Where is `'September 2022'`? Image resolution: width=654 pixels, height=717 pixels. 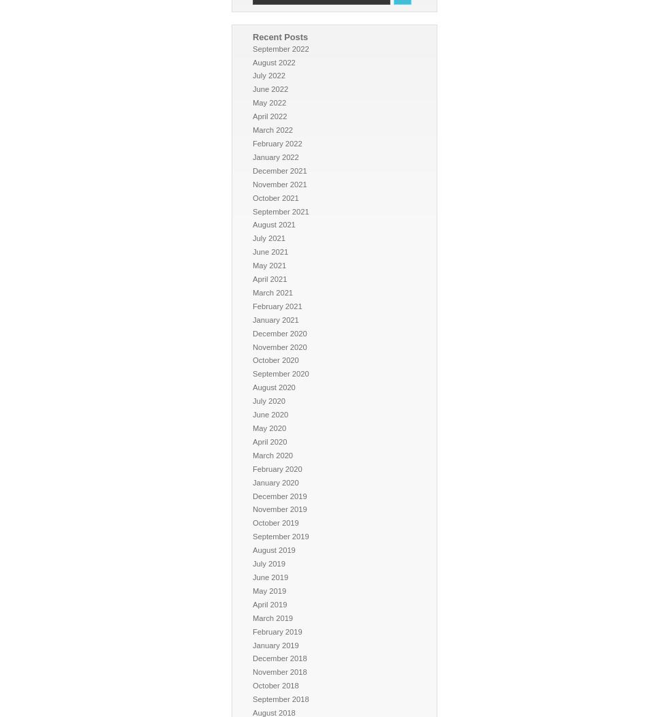 'September 2022' is located at coordinates (280, 47).